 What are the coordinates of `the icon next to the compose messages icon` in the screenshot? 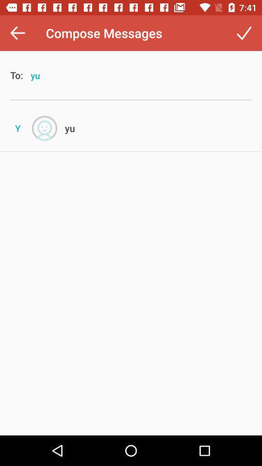 It's located at (17, 33).